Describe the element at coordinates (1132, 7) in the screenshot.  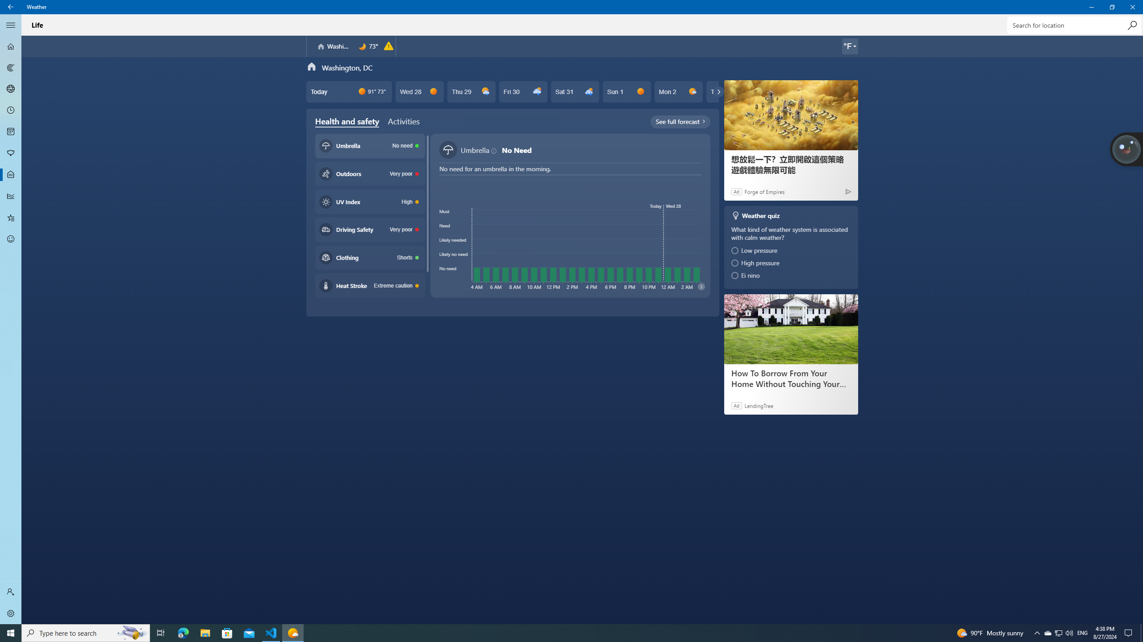
I see `'Close Weather'` at that location.